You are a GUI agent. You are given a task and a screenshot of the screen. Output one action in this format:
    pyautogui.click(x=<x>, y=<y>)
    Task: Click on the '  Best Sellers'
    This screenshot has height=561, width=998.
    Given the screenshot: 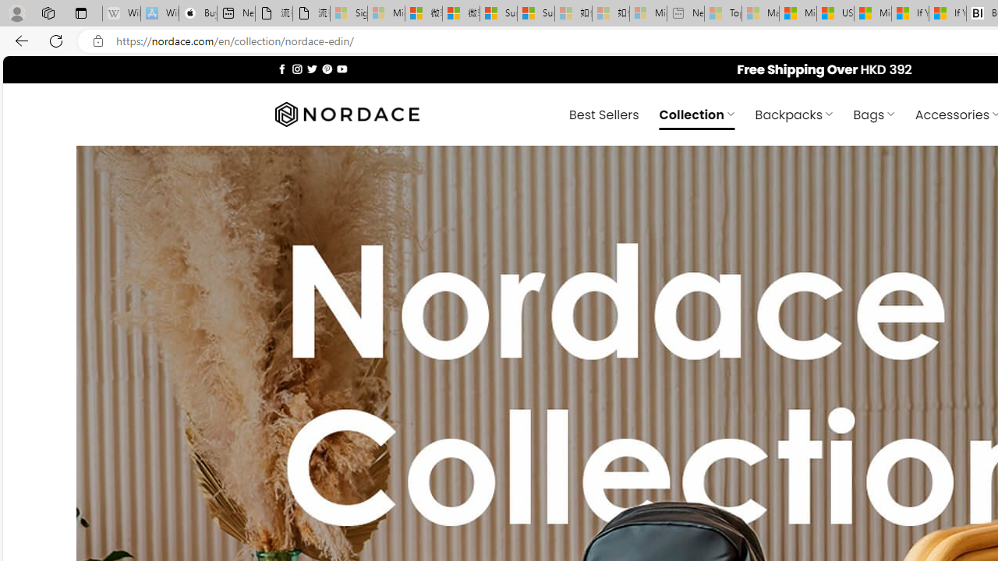 What is the action you would take?
    pyautogui.click(x=603, y=113)
    